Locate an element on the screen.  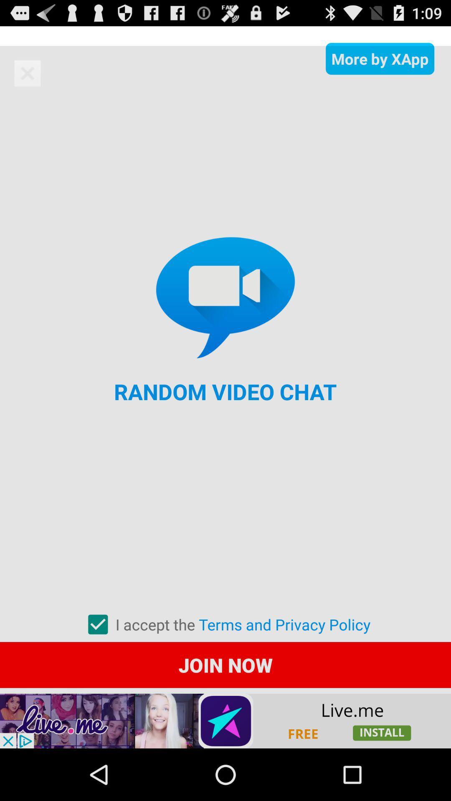
advertisement is located at coordinates (225, 720).